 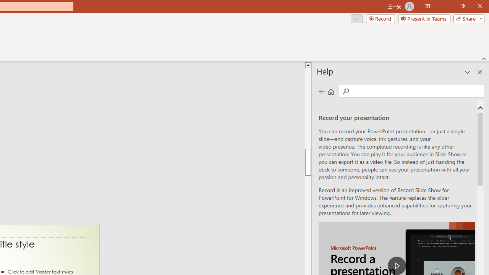 What do you see at coordinates (345, 91) in the screenshot?
I see `'Search'` at bounding box center [345, 91].